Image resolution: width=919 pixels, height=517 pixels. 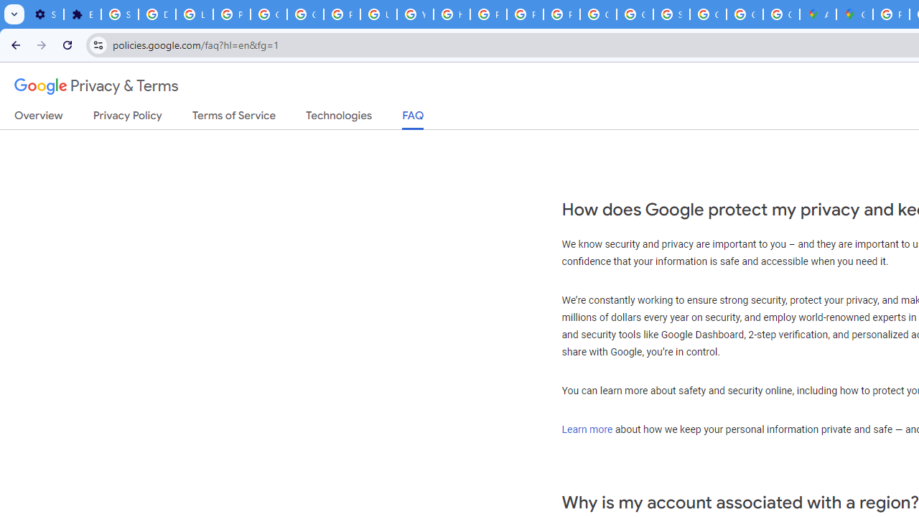 I want to click on 'Sign in - Google Accounts', so click(x=120, y=14).